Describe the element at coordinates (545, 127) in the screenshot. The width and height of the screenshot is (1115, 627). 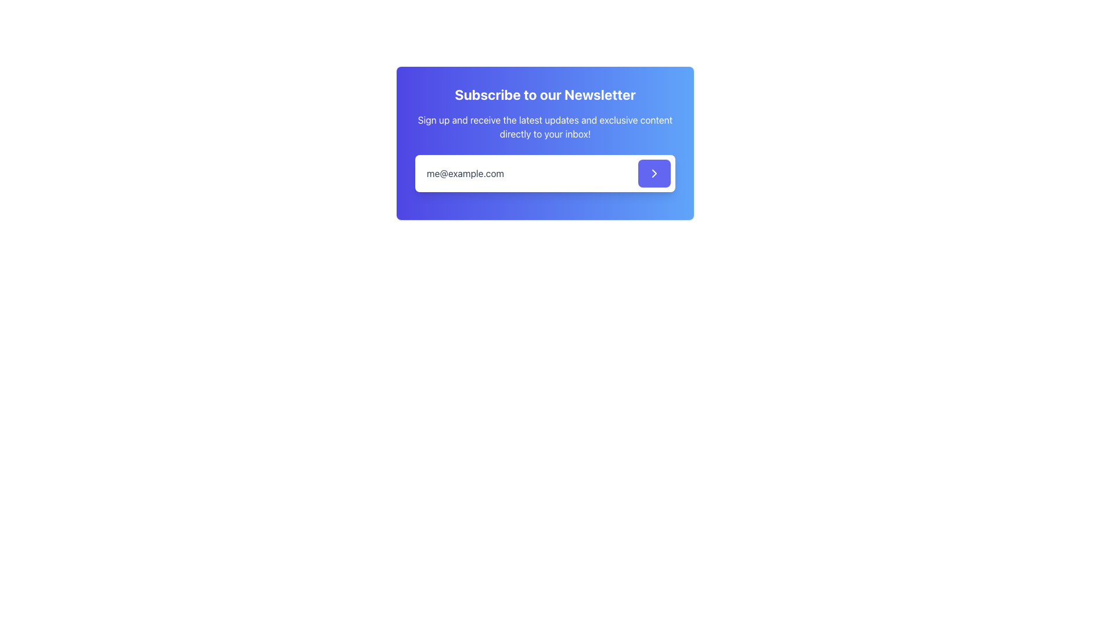
I see `the centered text block that reads 'Sign up and receive the latest updates and exclusive content directly to your inbox!'` at that location.